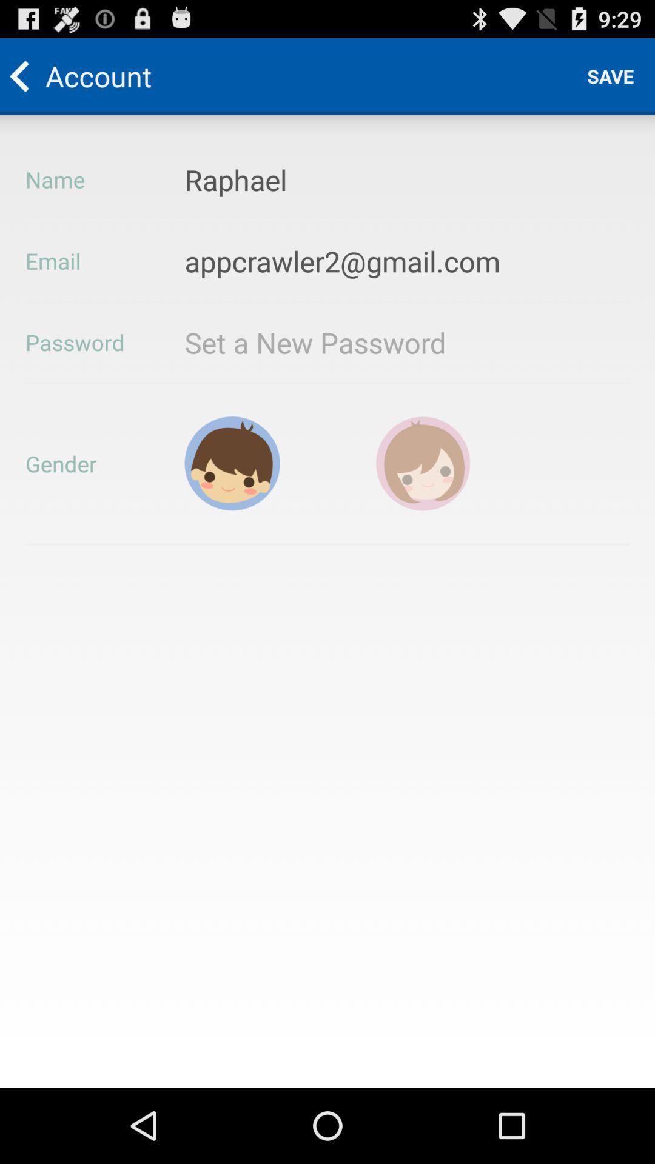 The width and height of the screenshot is (655, 1164). What do you see at coordinates (423, 463) in the screenshot?
I see `choose gender female` at bounding box center [423, 463].